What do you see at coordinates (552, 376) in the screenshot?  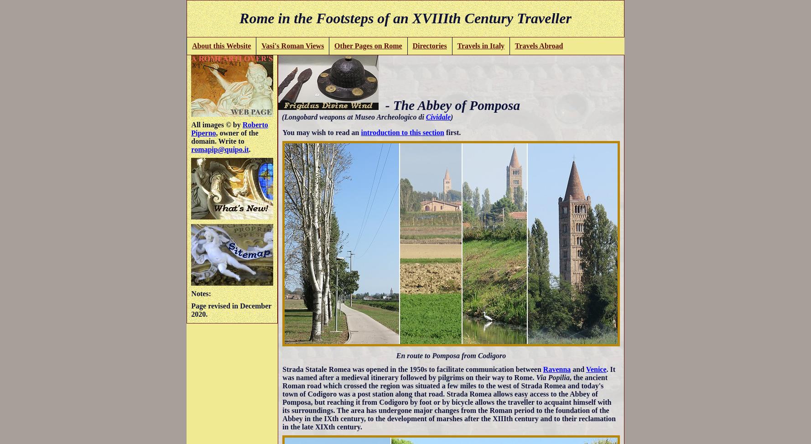 I see `'Via Popilia'` at bounding box center [552, 376].